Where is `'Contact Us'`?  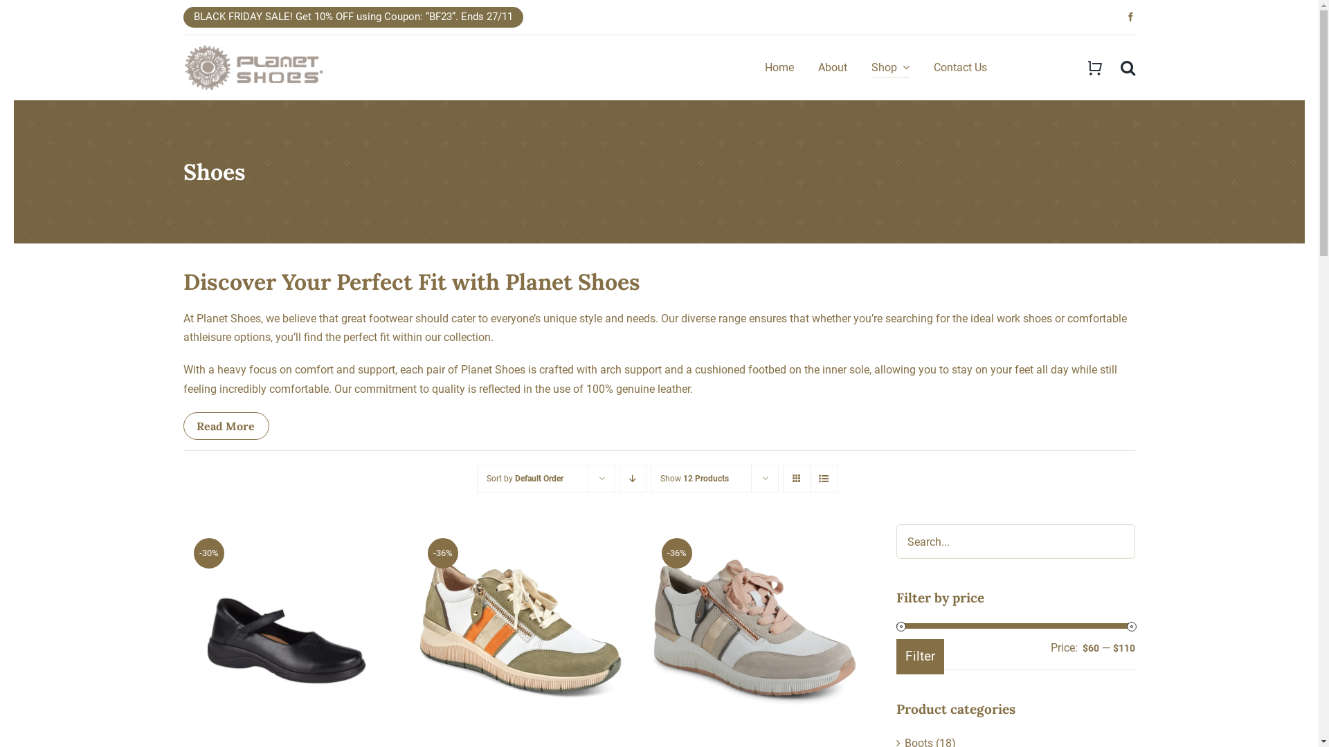
'Contact Us' is located at coordinates (959, 67).